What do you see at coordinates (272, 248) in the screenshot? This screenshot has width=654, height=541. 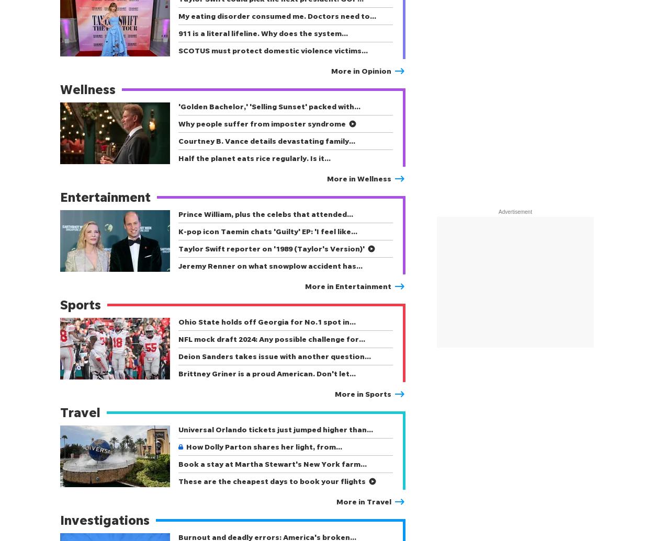 I see `'Taylor Swift reporter on '1989 (Taylor's Version)''` at bounding box center [272, 248].